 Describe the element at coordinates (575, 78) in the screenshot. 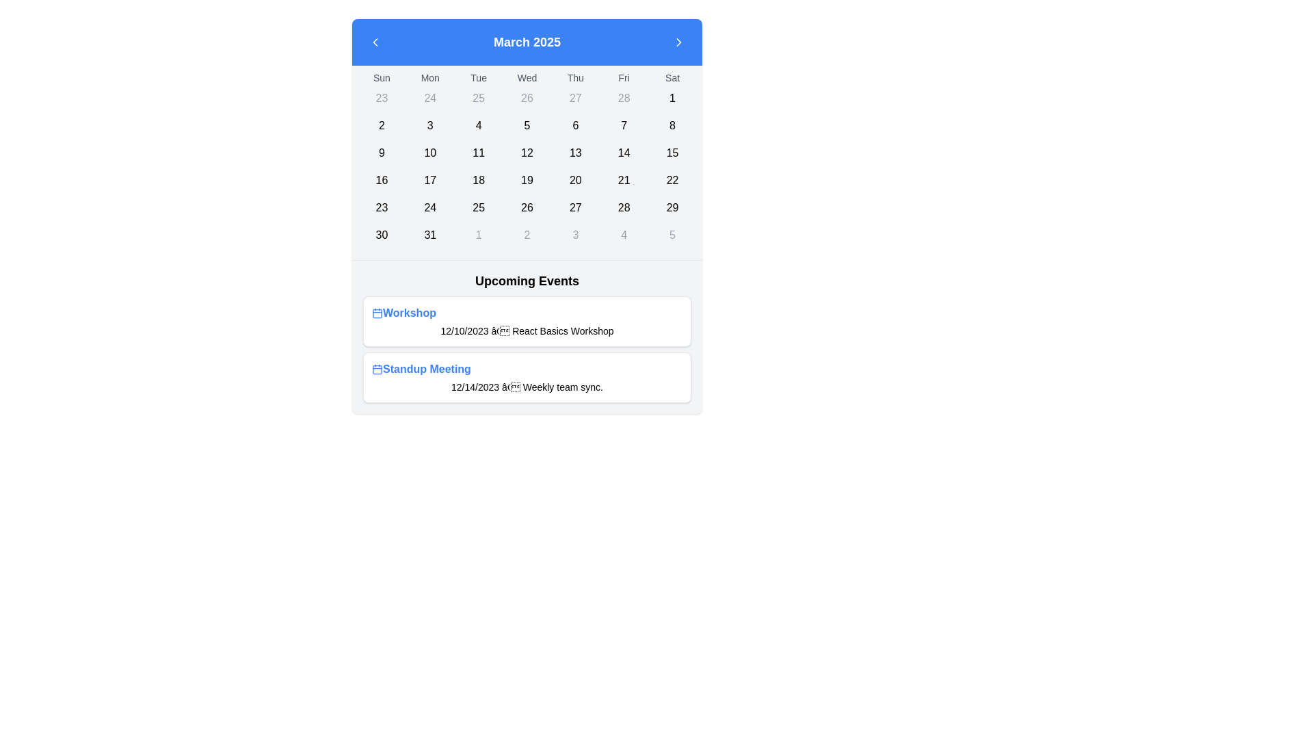

I see `the static text label displaying 'Thu', which is the fifth abbreviation in the row of weekdays, styled in gray and centered in the calendar header layout` at that location.